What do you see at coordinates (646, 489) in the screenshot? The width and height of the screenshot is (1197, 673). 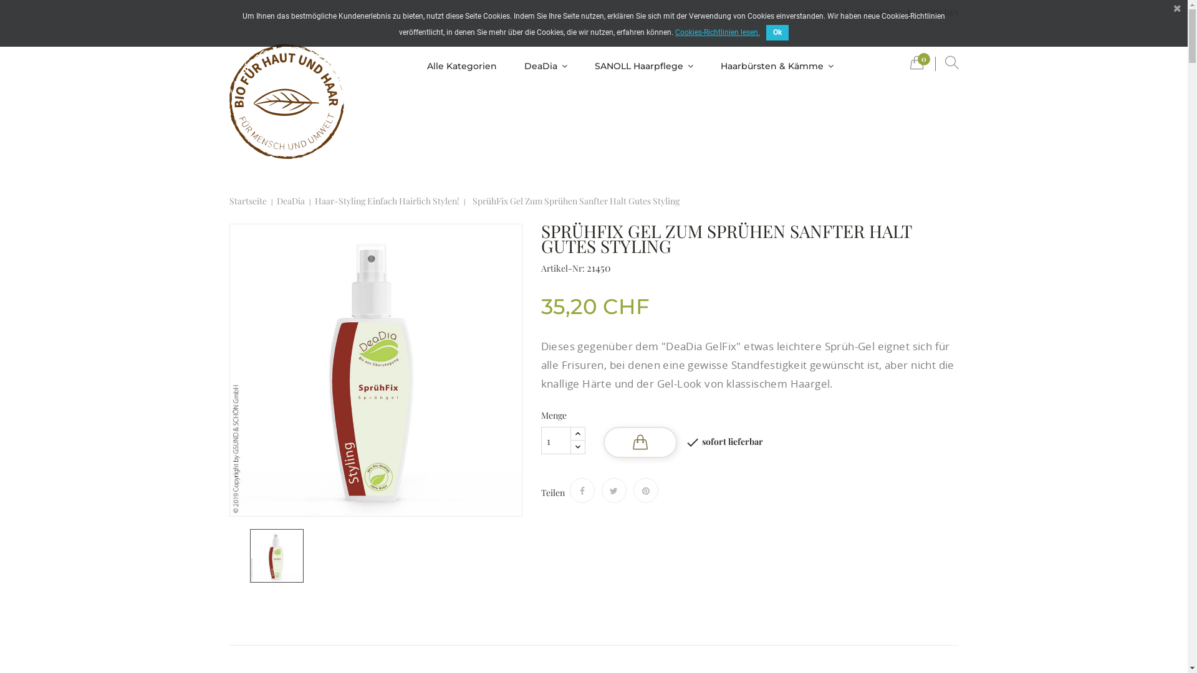 I see `'Pinterest'` at bounding box center [646, 489].